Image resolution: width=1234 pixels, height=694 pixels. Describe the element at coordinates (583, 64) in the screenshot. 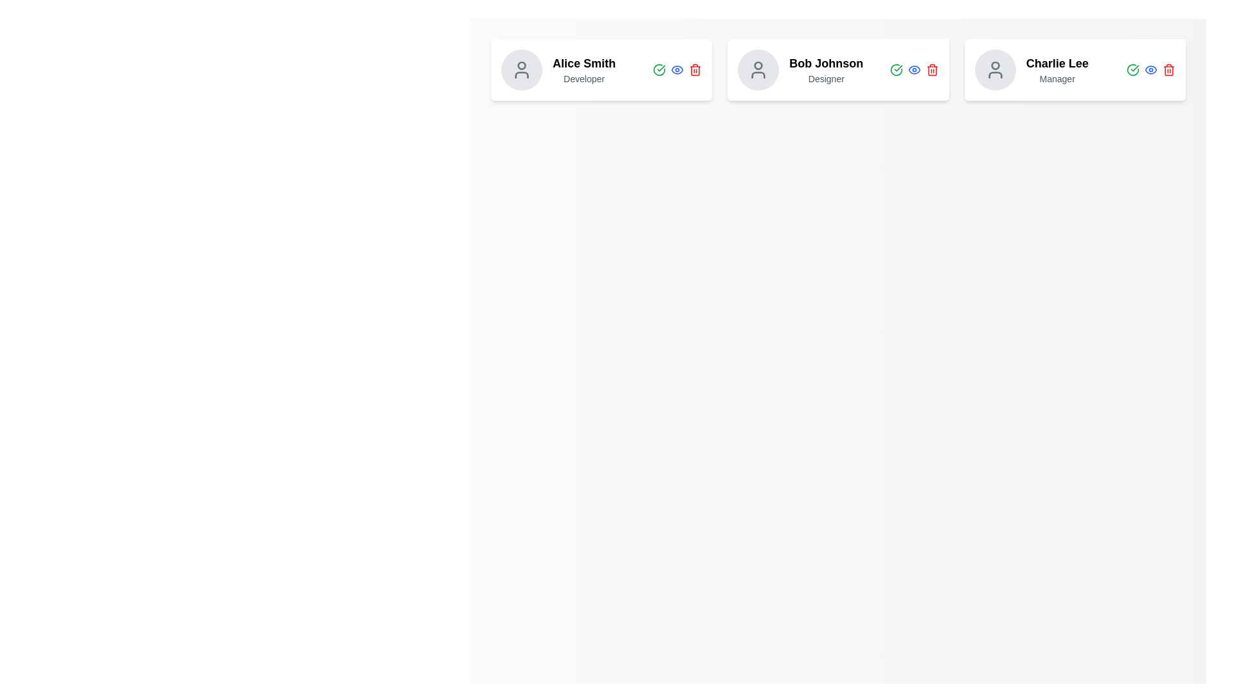

I see `the text label displaying 'Alice Smith', which is in a bold, large font and located near the top-left corner of the first card` at that location.